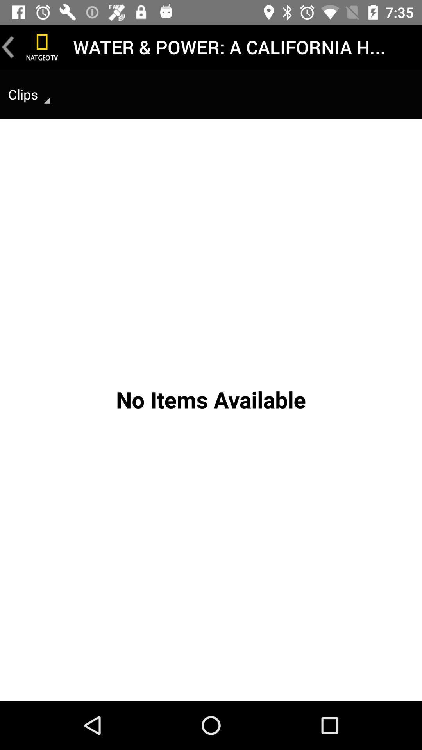 The width and height of the screenshot is (422, 750). Describe the element at coordinates (8, 46) in the screenshot. I see `go back` at that location.